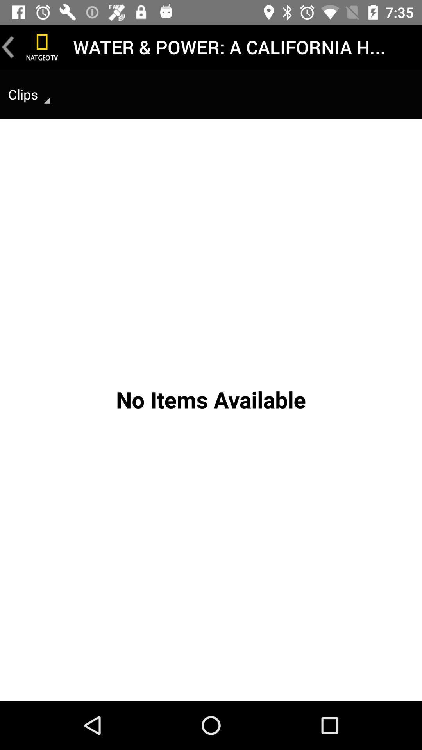 The width and height of the screenshot is (422, 750). Describe the element at coordinates (8, 46) in the screenshot. I see `go back` at that location.